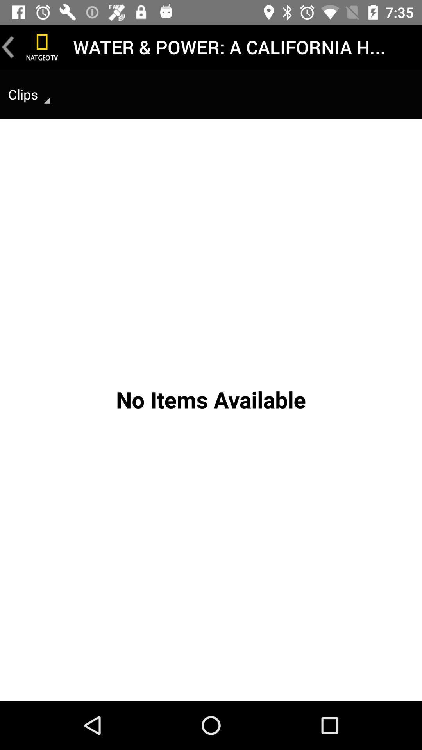 The width and height of the screenshot is (422, 750). Describe the element at coordinates (8, 46) in the screenshot. I see `go back` at that location.